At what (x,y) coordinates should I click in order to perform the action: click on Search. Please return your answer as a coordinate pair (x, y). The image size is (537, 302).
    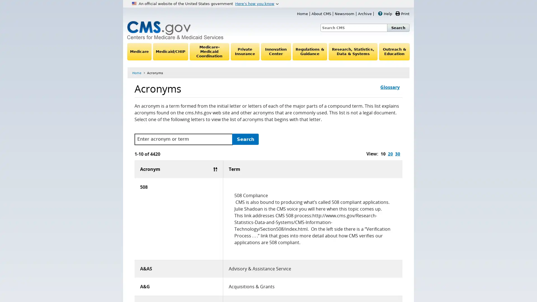
    Looking at the image, I should click on (398, 28).